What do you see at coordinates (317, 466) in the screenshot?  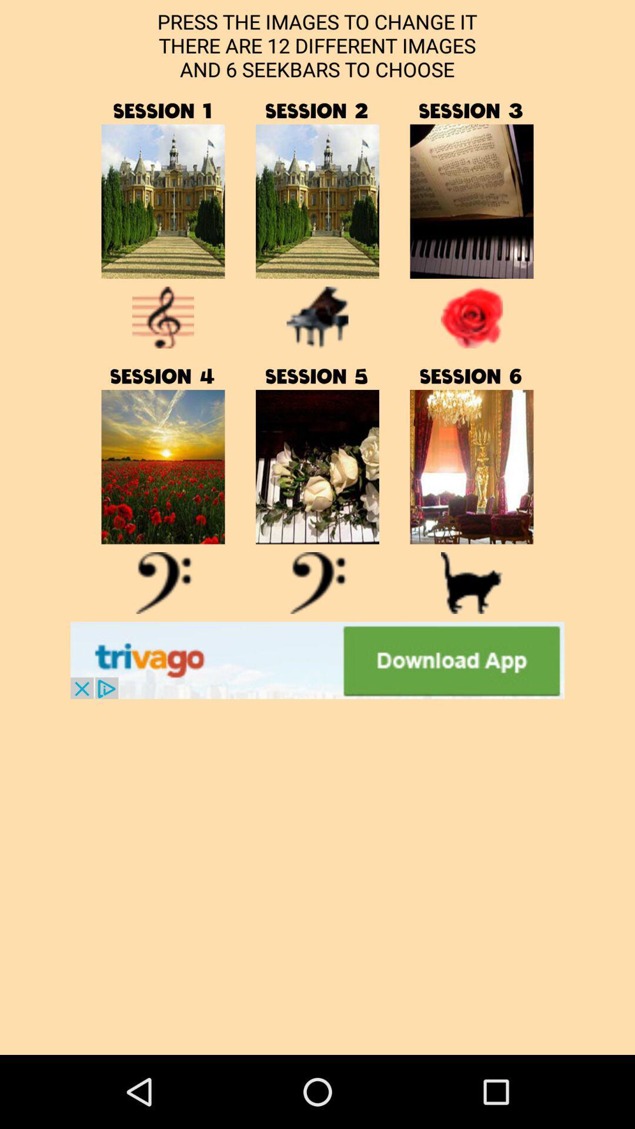 I see `image under session 5` at bounding box center [317, 466].